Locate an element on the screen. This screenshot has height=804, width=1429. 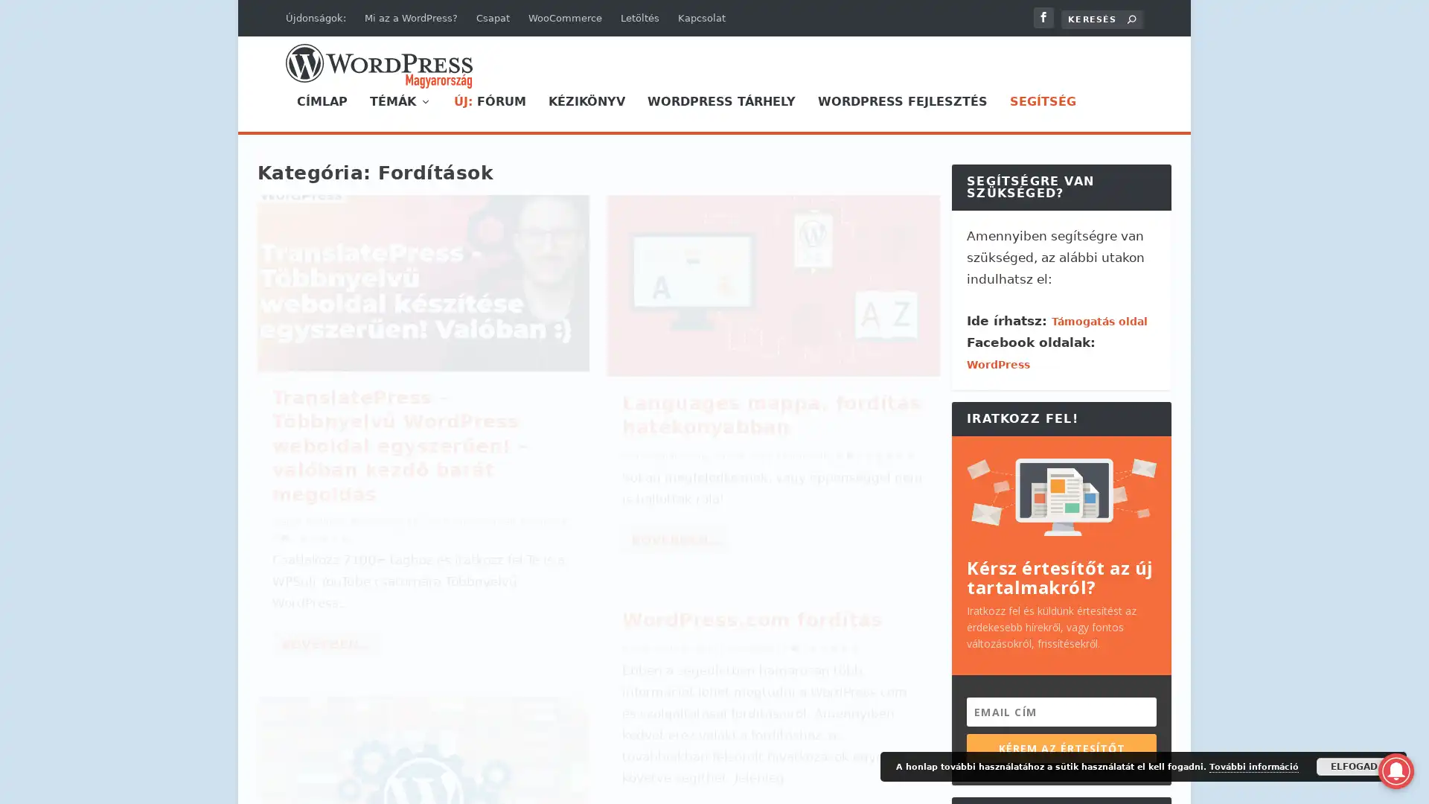
KEREM AZ ERTESITOT is located at coordinates (1061, 747).